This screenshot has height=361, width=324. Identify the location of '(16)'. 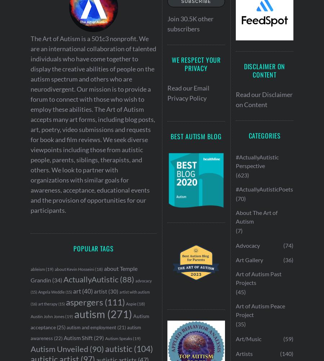
(33, 303).